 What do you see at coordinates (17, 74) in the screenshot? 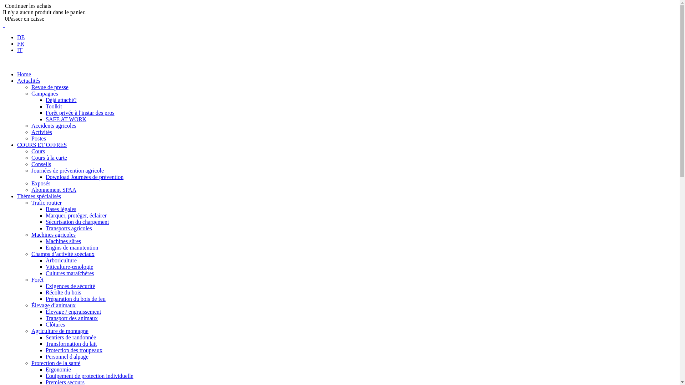
I see `'Home'` at bounding box center [17, 74].